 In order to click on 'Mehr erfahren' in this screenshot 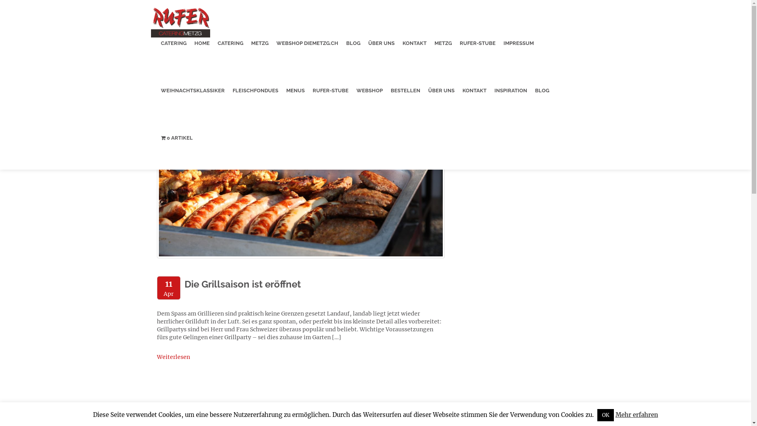, I will do `click(636, 414)`.